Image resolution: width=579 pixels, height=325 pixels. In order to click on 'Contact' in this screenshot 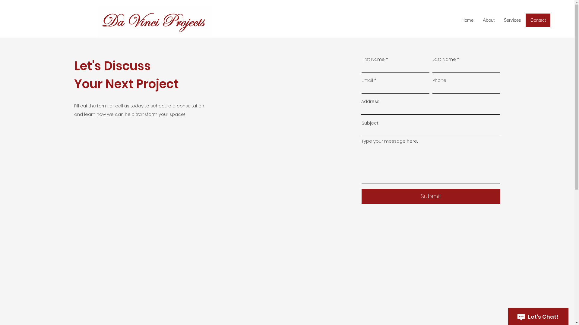, I will do `click(538, 20)`.